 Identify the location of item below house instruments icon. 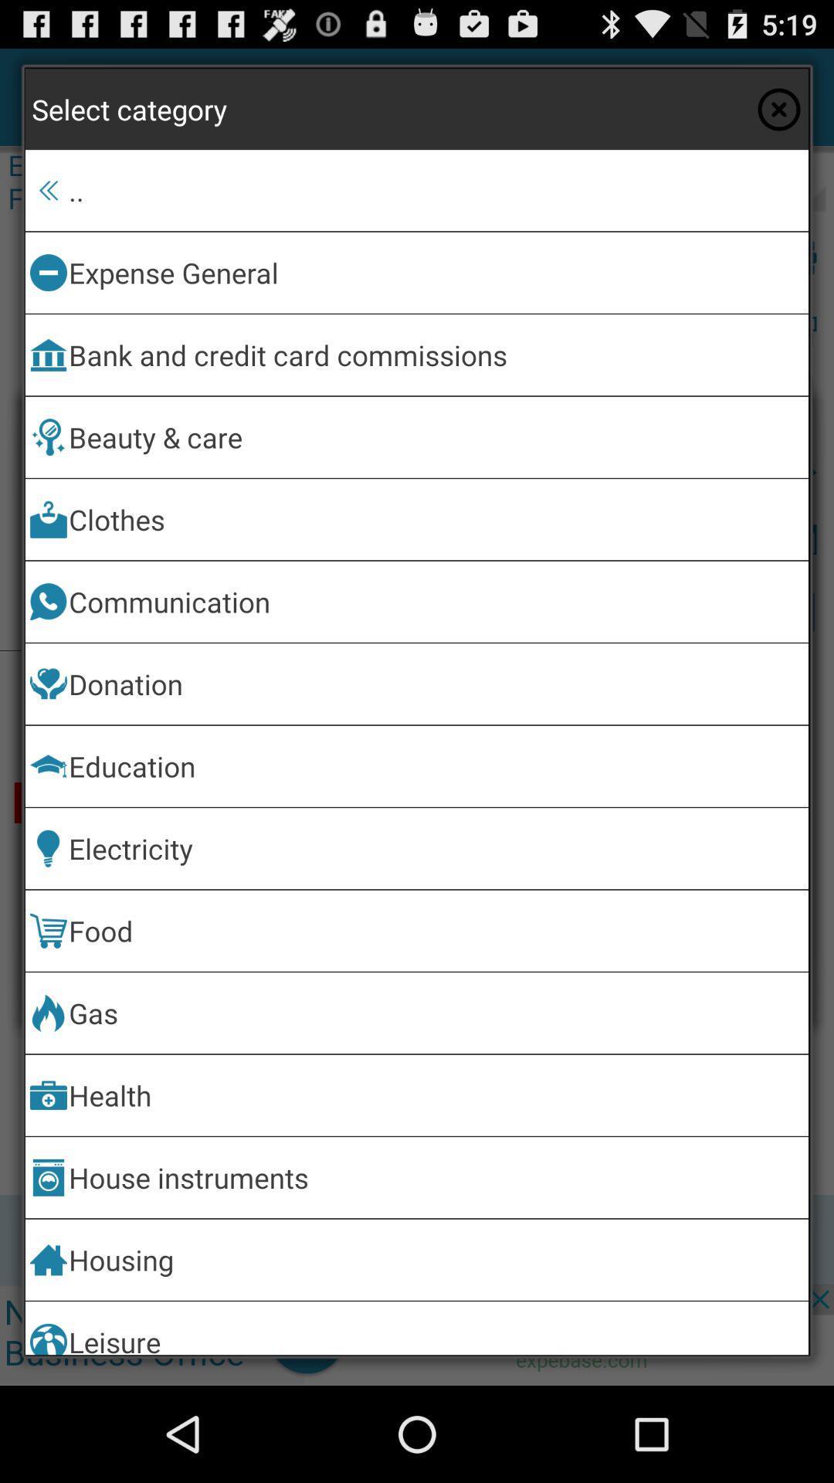
(436, 1260).